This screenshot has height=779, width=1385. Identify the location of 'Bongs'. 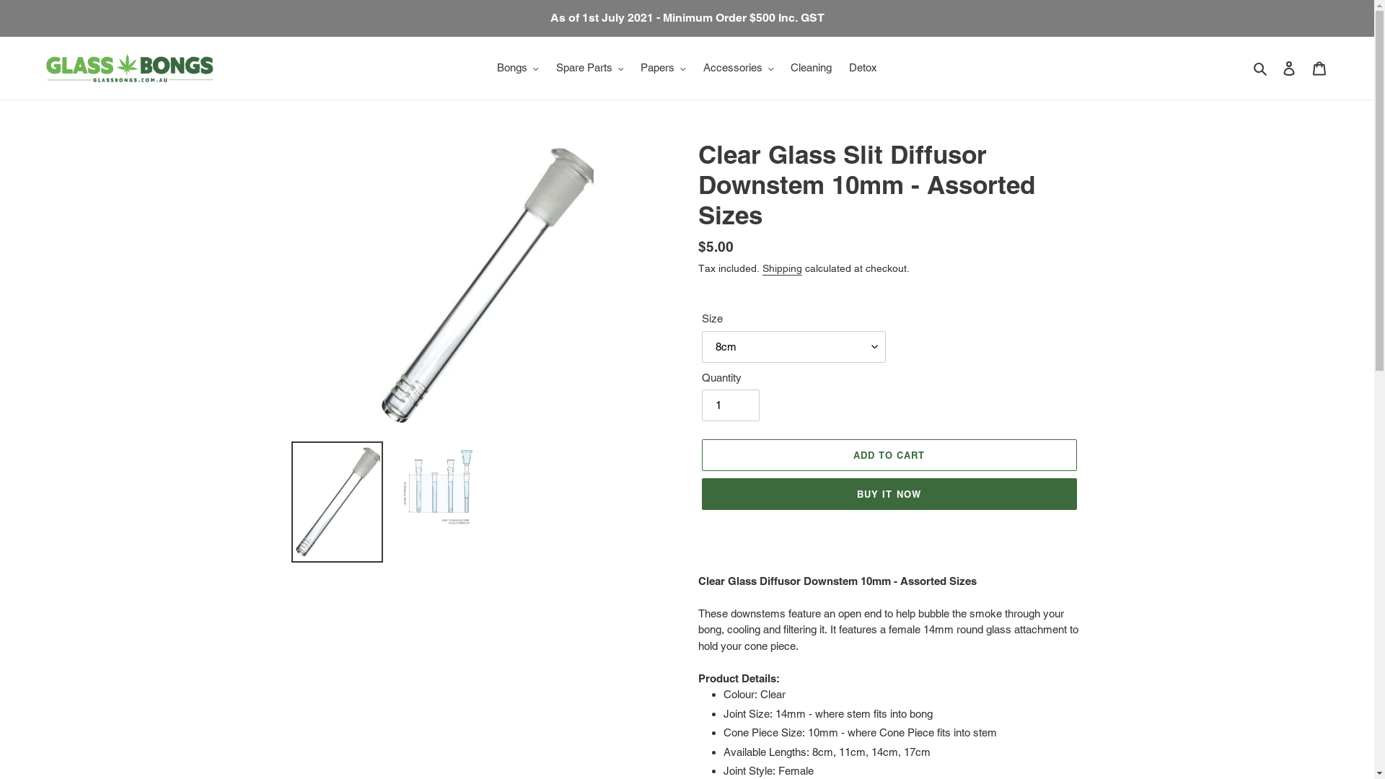
(518, 68).